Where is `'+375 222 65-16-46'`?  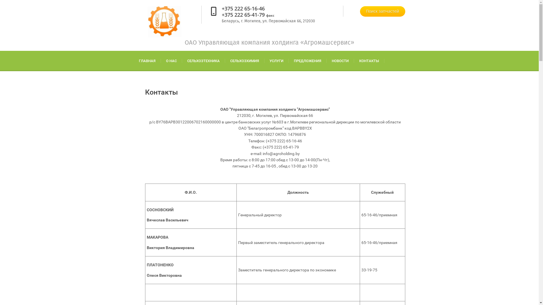 '+375 222 65-16-46' is located at coordinates (221, 8).